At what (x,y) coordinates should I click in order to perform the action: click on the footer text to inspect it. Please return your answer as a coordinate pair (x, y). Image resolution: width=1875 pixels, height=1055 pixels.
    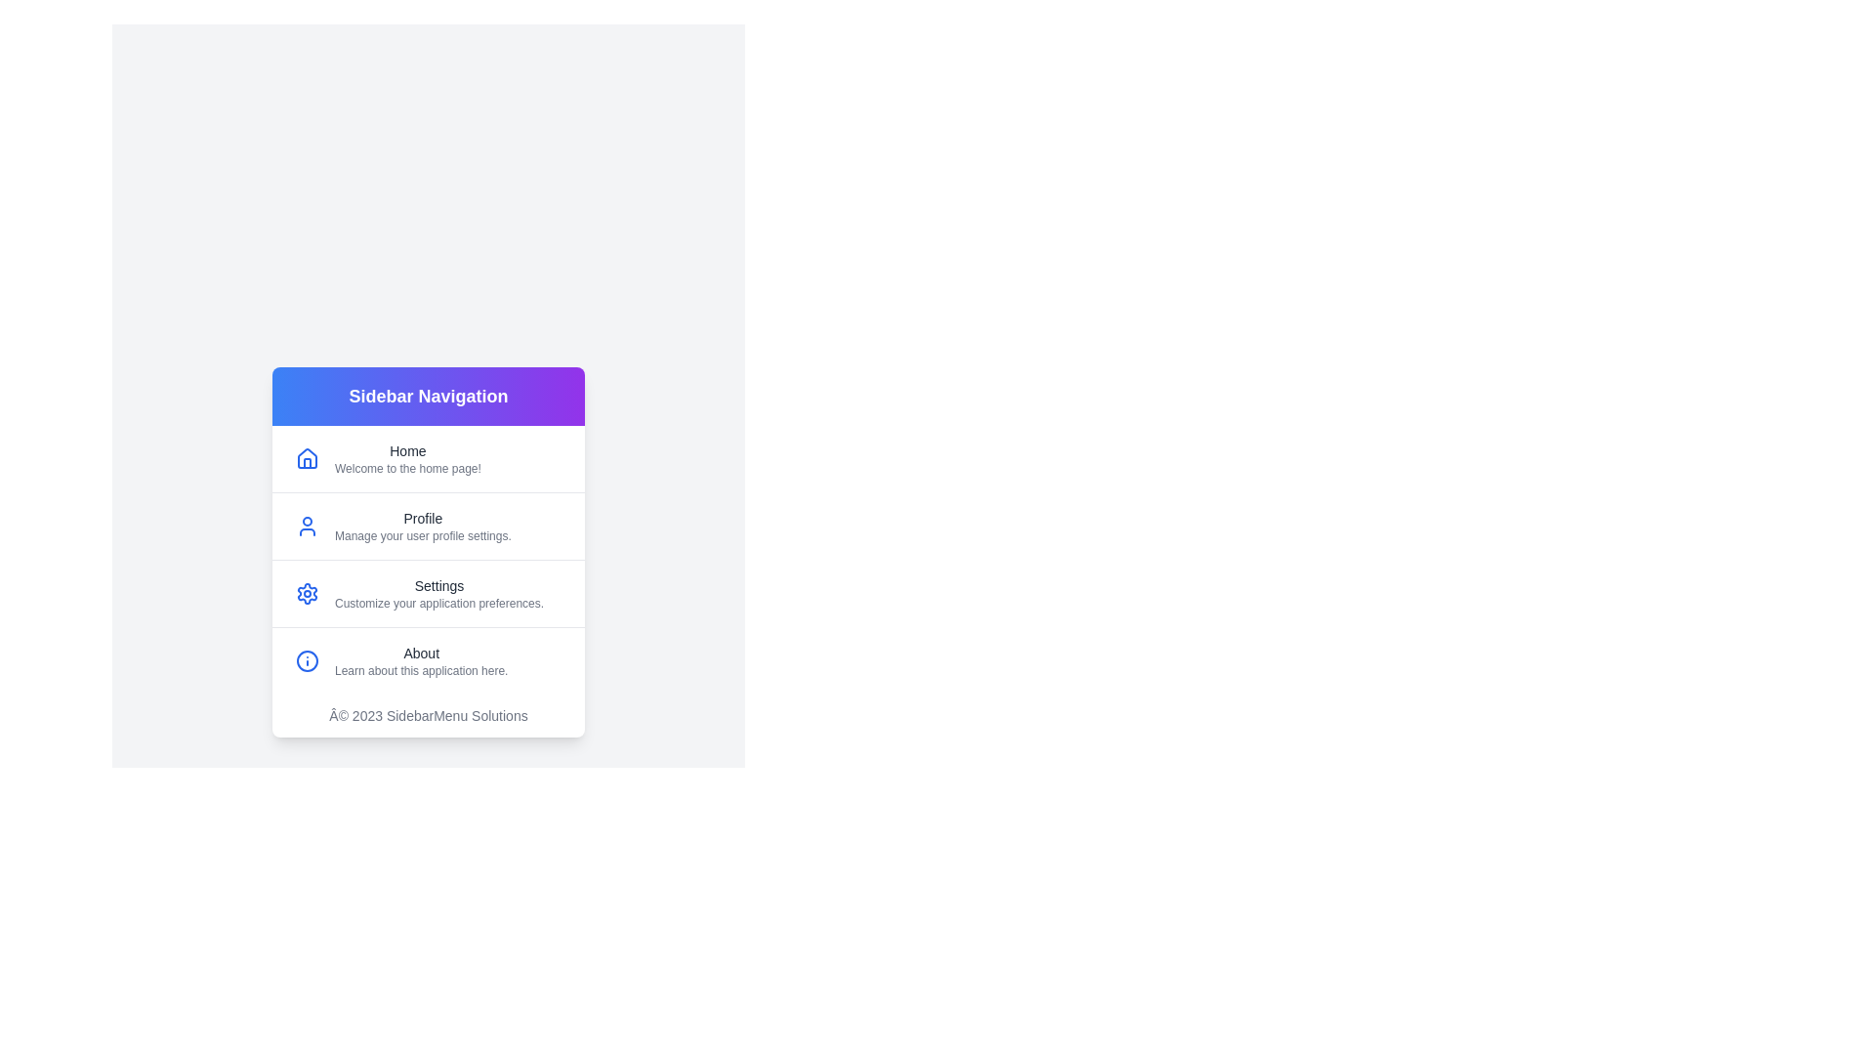
    Looking at the image, I should click on (427, 715).